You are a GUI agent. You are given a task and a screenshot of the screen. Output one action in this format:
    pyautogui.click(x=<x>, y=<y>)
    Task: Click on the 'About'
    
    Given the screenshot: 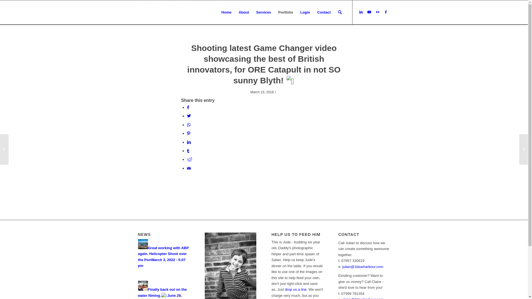 What is the action you would take?
    pyautogui.click(x=235, y=12)
    